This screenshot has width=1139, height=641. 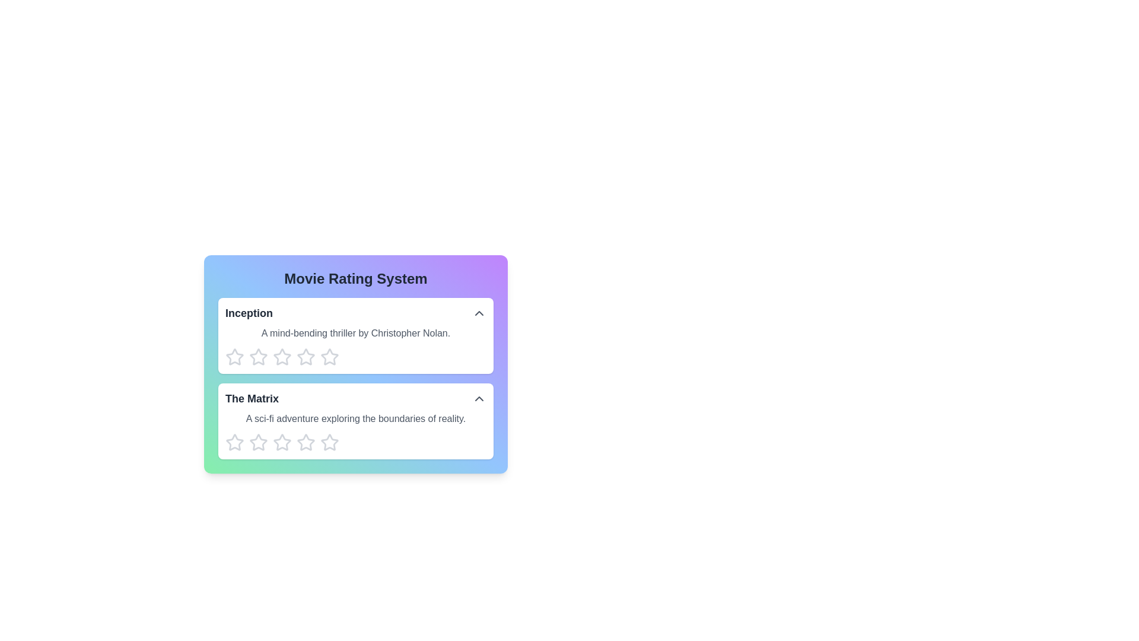 I want to click on the seventh rating star icon in the horizontal arrangement under the 'The Matrix' section, so click(x=330, y=442).